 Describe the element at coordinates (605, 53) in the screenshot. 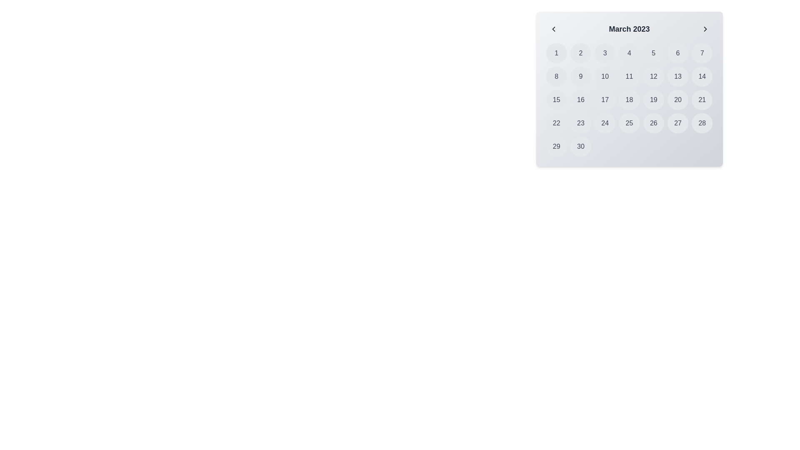

I see `the circular button labeled '3' with a gray background, located in the first row, third column of the calendar grid` at that location.